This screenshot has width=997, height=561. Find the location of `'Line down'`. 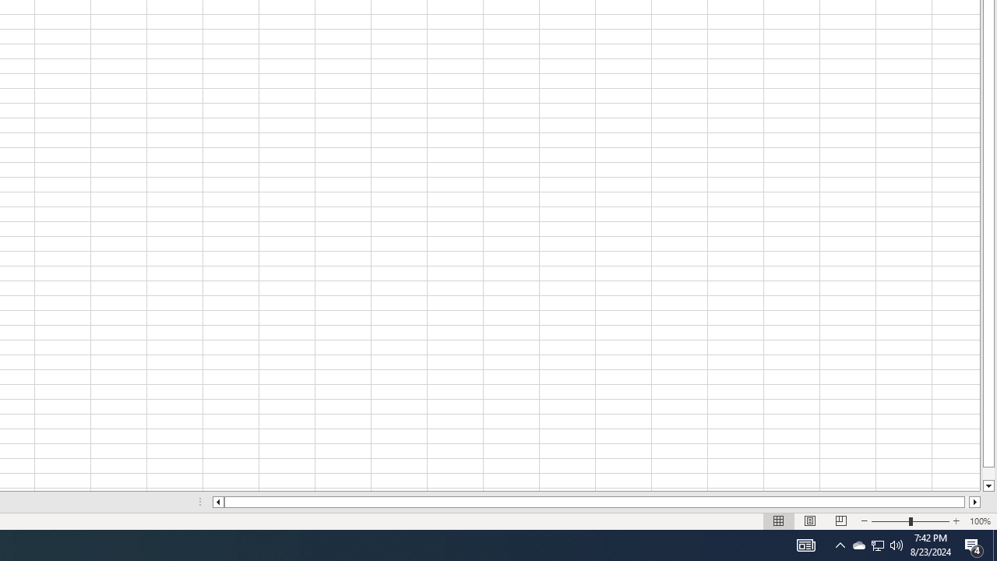

'Line down' is located at coordinates (988, 485).